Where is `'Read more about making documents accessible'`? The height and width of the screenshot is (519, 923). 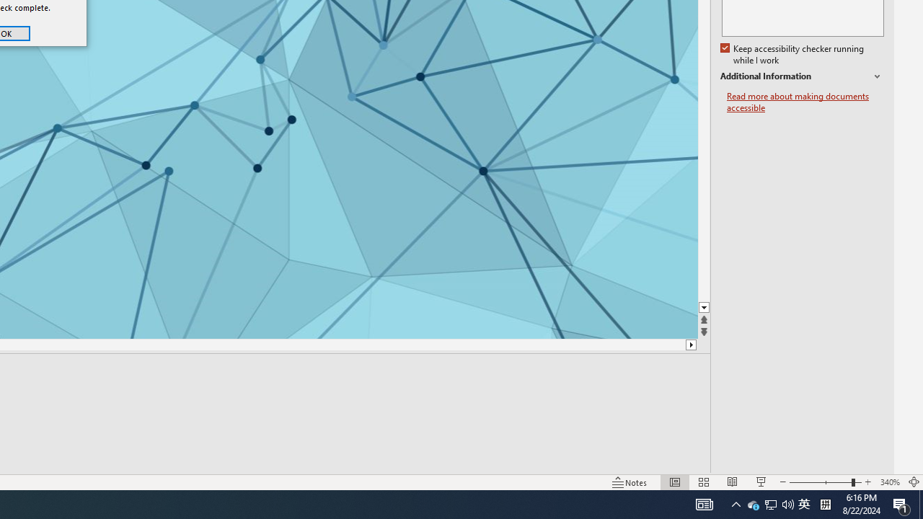 'Read more about making documents accessible' is located at coordinates (805, 102).